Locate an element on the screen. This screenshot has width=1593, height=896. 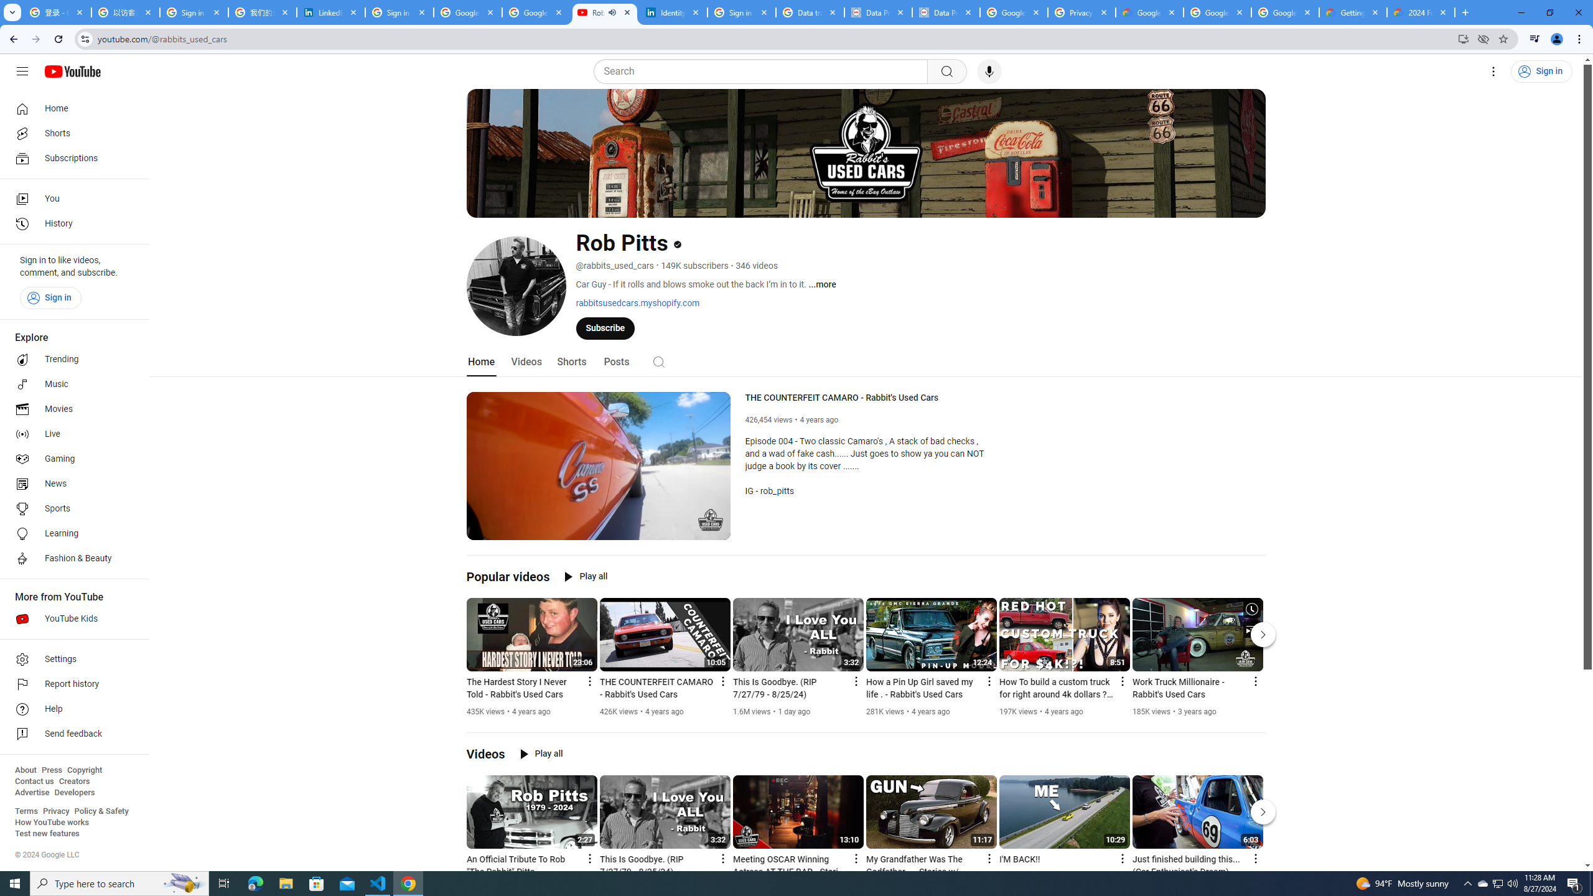
'Subtitles/closed captions unavailable' is located at coordinates (666, 529).